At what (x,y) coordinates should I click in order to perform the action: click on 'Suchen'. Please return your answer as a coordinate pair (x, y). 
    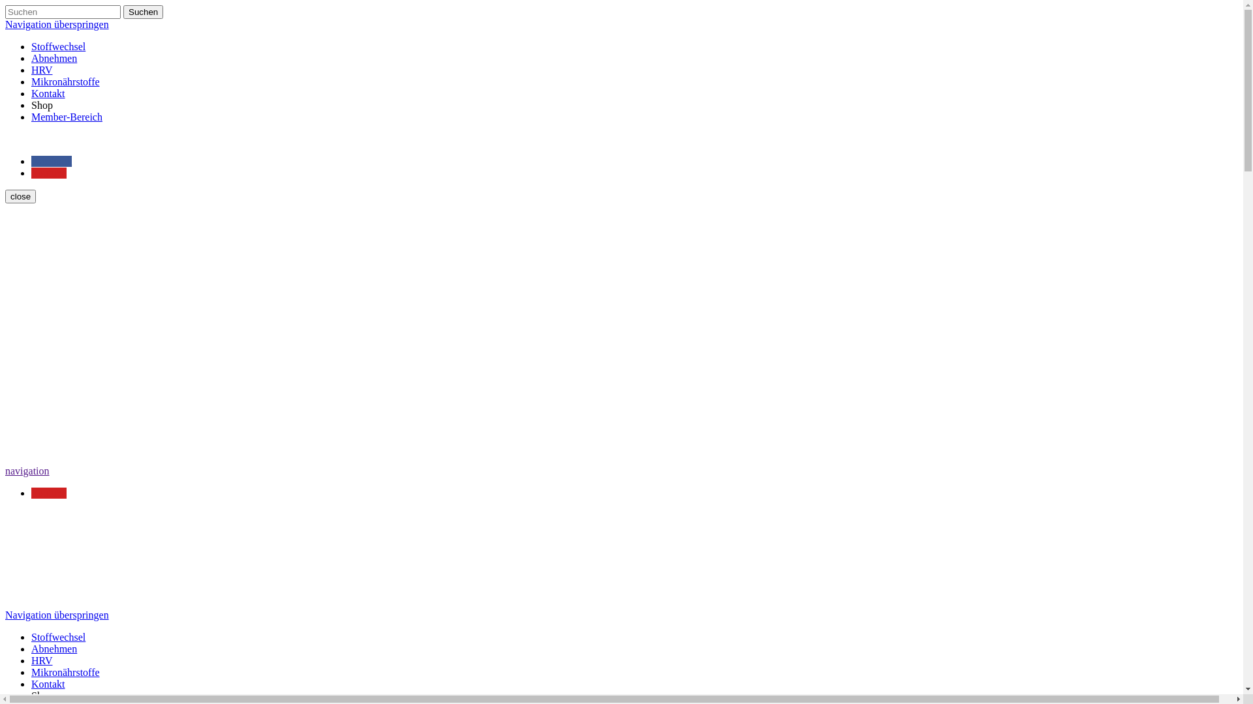
    Looking at the image, I should click on (143, 12).